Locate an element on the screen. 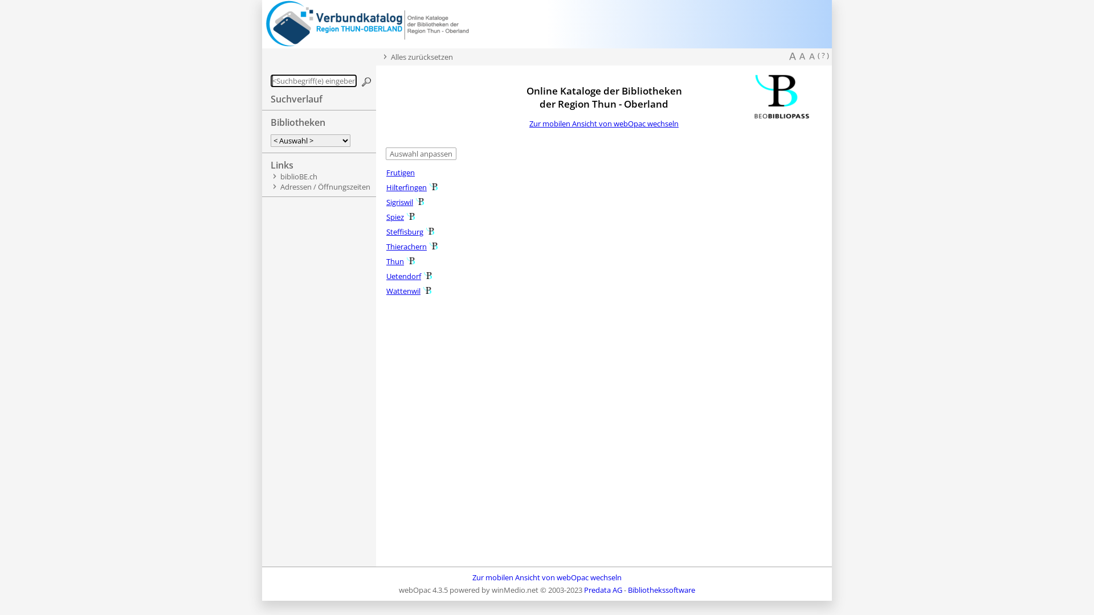 This screenshot has width=1094, height=615. 'Steffisburg' is located at coordinates (405, 231).